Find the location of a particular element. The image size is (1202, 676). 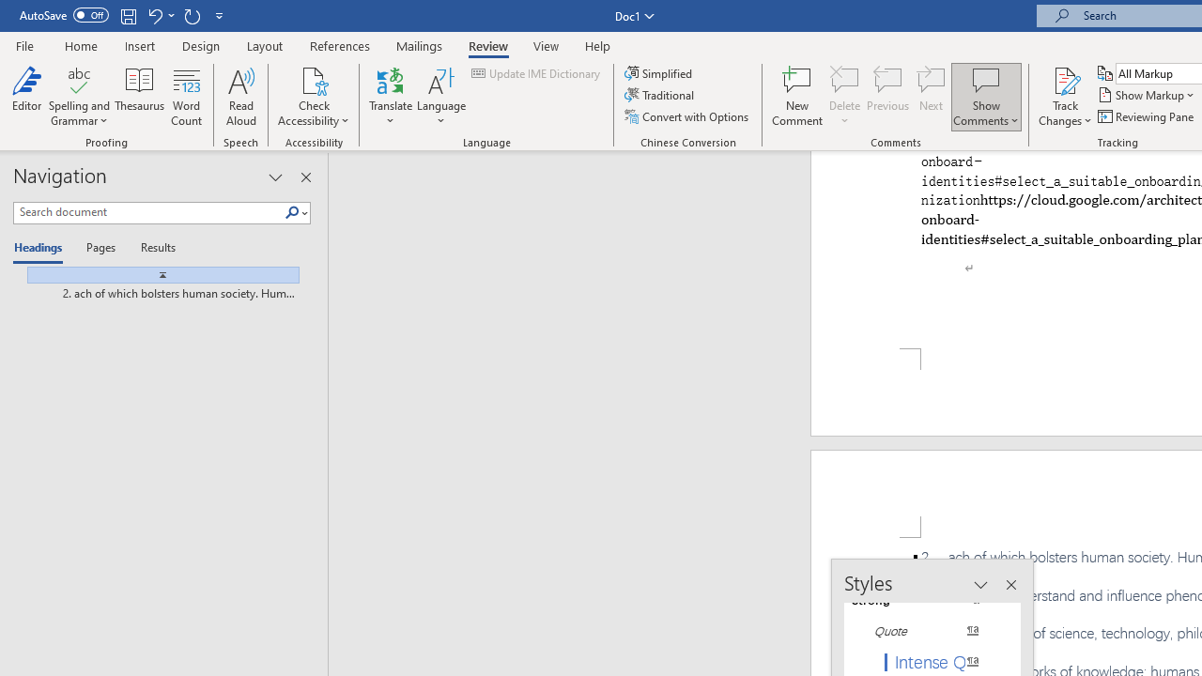

'File Tab' is located at coordinates (24, 44).